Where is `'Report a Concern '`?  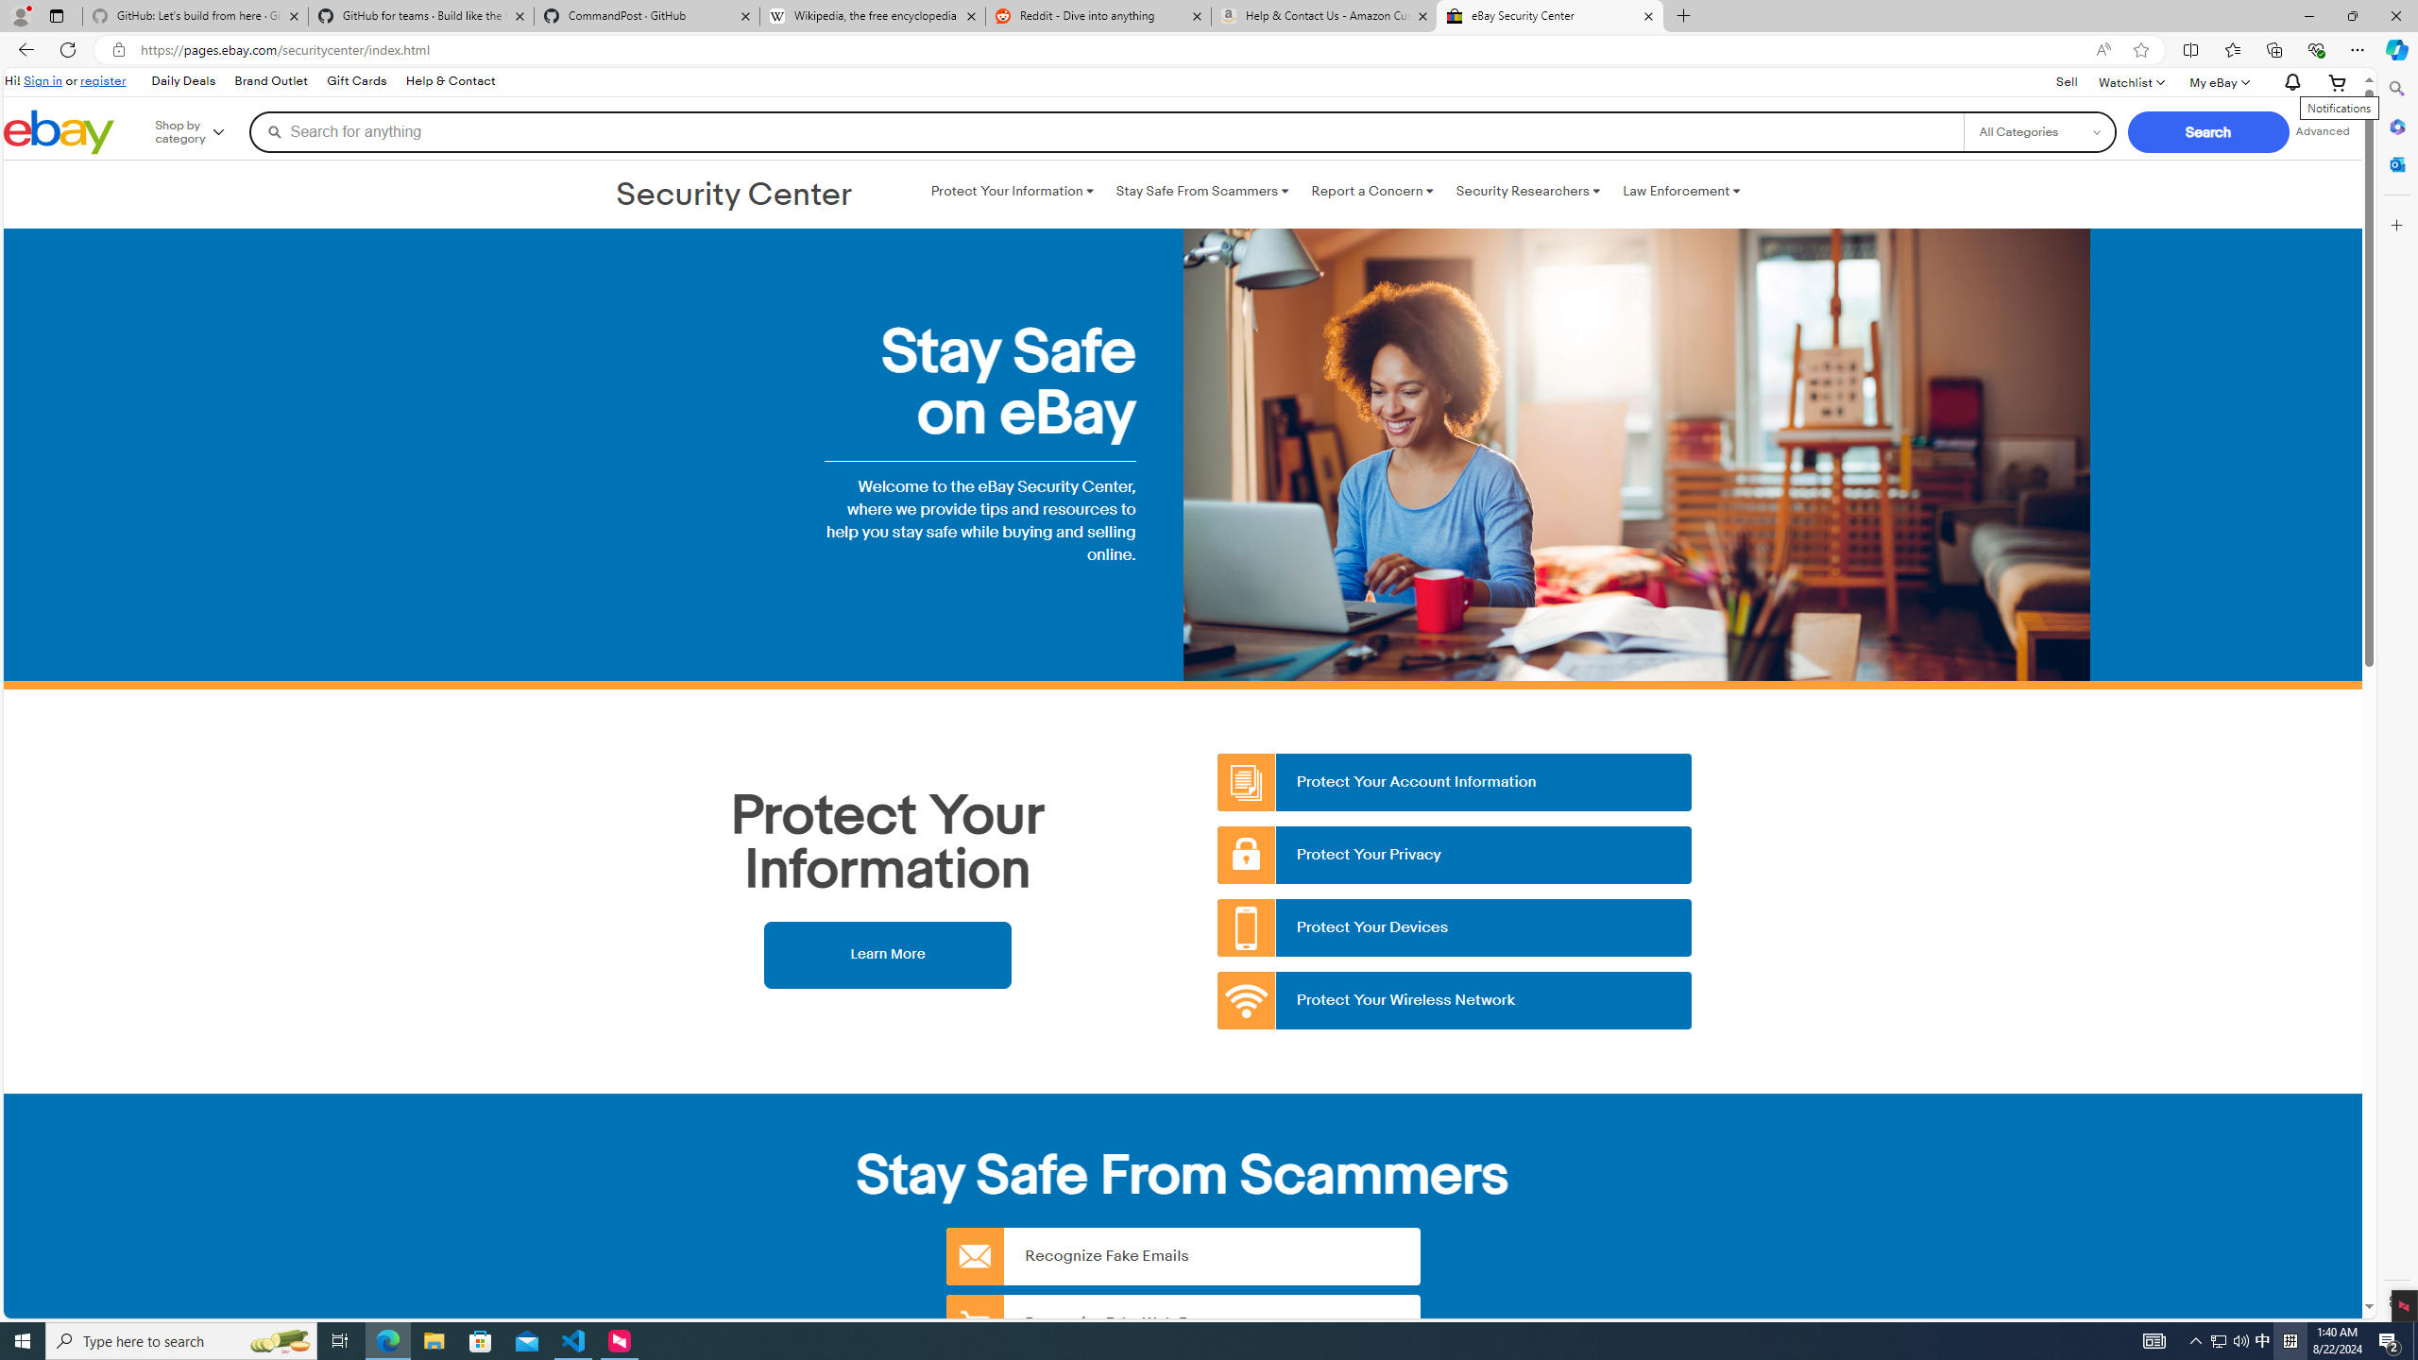 'Report a Concern ' is located at coordinates (1371, 191).